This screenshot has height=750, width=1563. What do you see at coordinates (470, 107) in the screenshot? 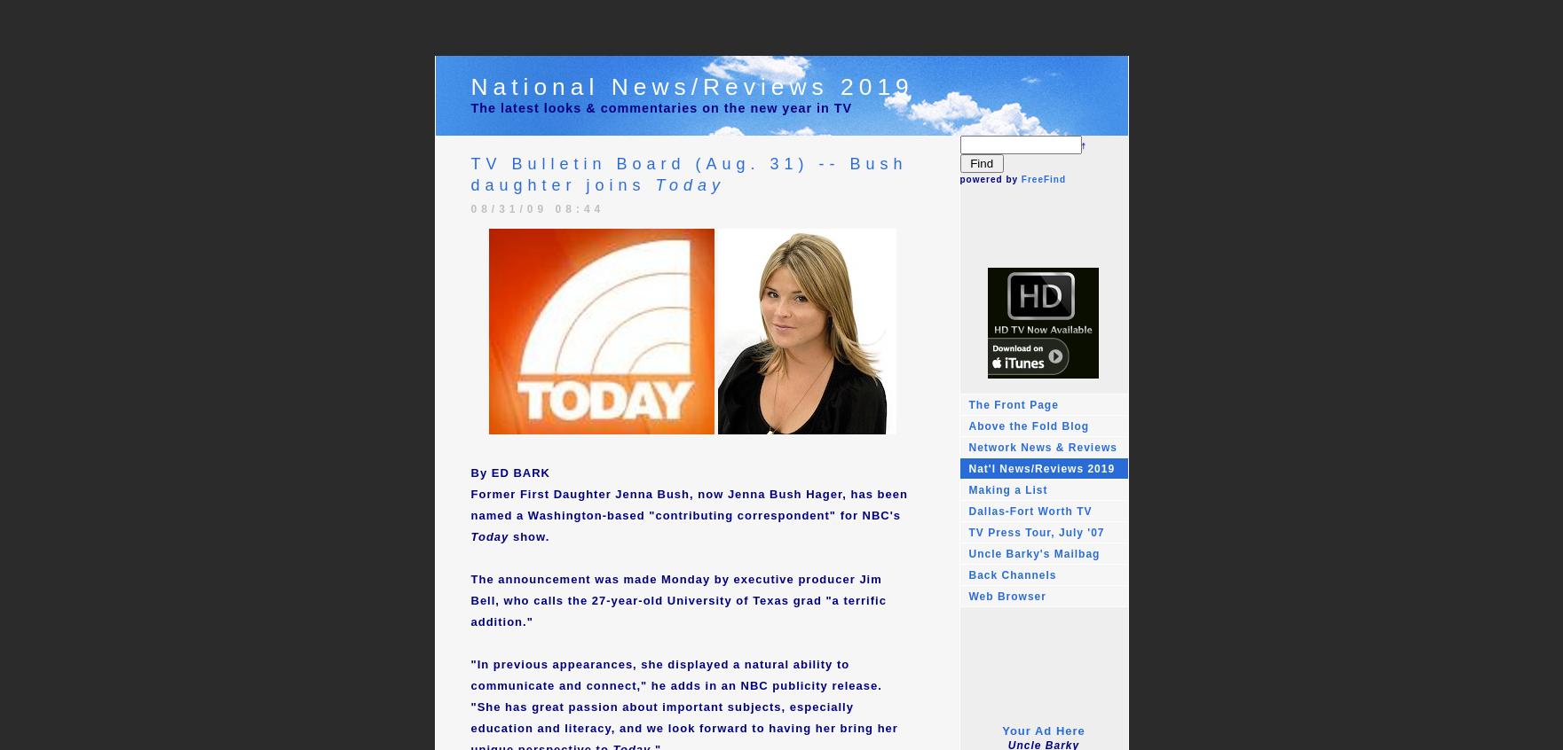
I see `'The latest looks & commentaries on the new year in TV'` at bounding box center [470, 107].